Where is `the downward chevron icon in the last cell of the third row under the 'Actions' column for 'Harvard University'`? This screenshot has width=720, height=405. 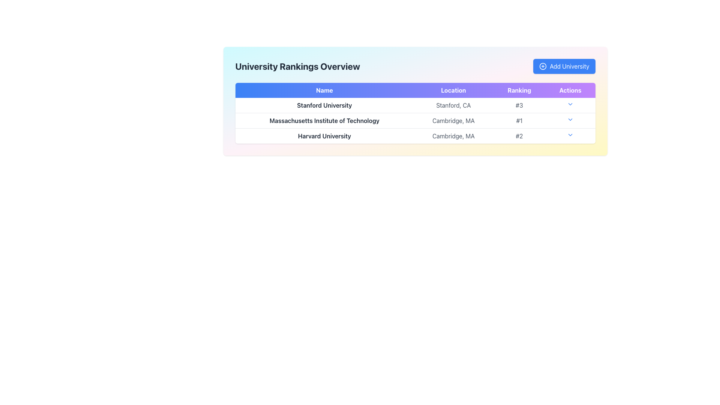 the downward chevron icon in the last cell of the third row under the 'Actions' column for 'Harvard University' is located at coordinates (570, 134).